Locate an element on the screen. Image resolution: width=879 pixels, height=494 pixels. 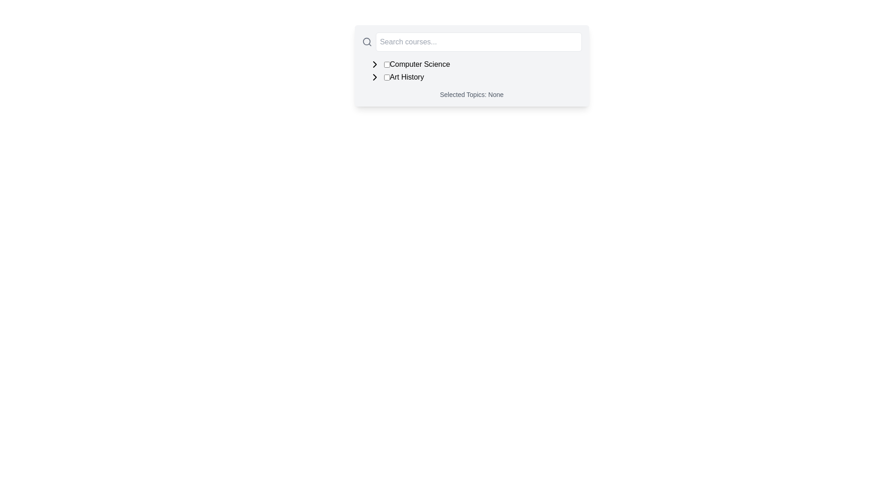
text label 'Computer Science', which is the first option in the vertical list below the search bar is located at coordinates (419, 64).